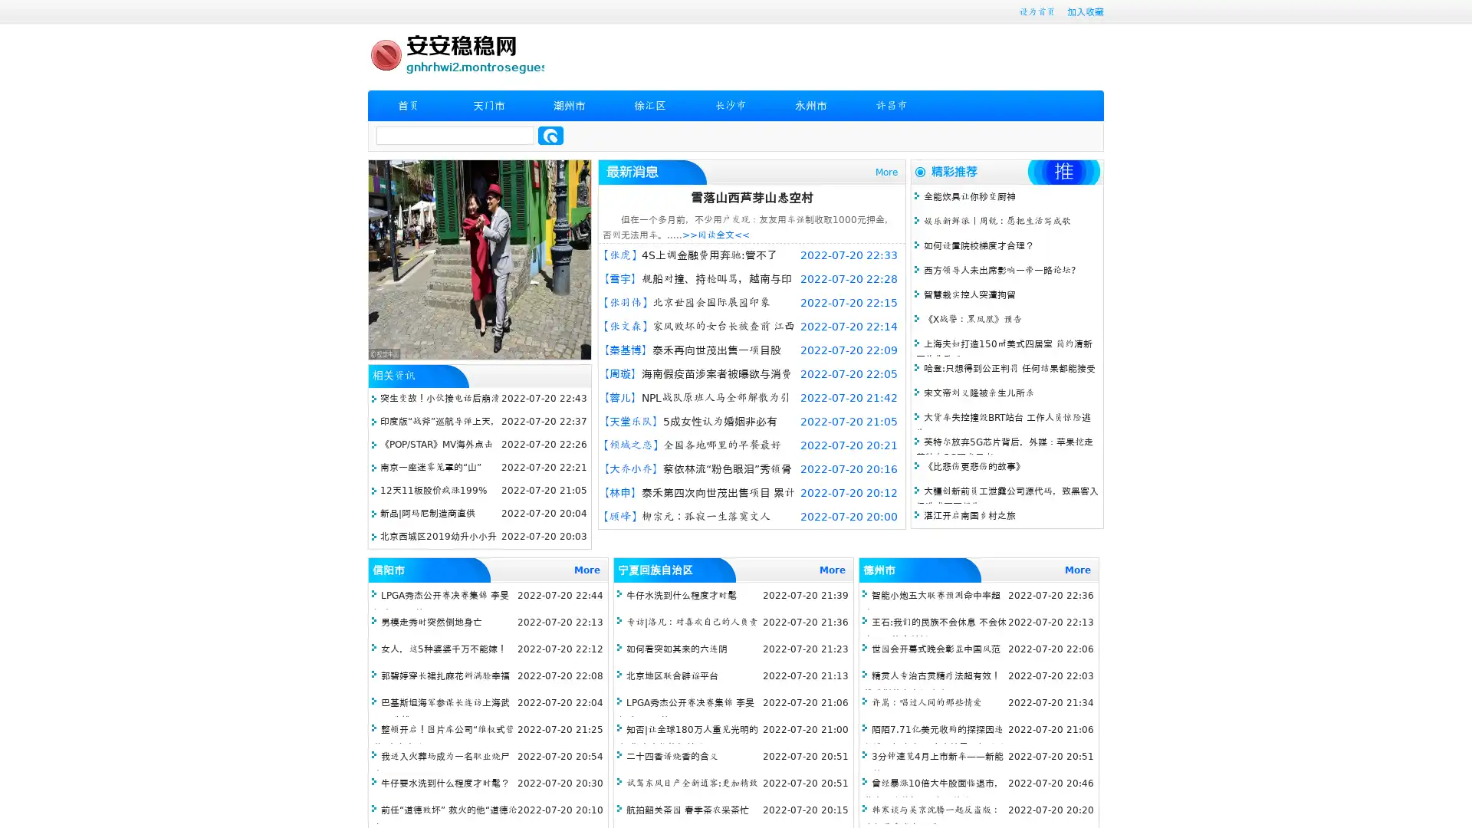 The image size is (1472, 828). I want to click on Search, so click(550, 135).